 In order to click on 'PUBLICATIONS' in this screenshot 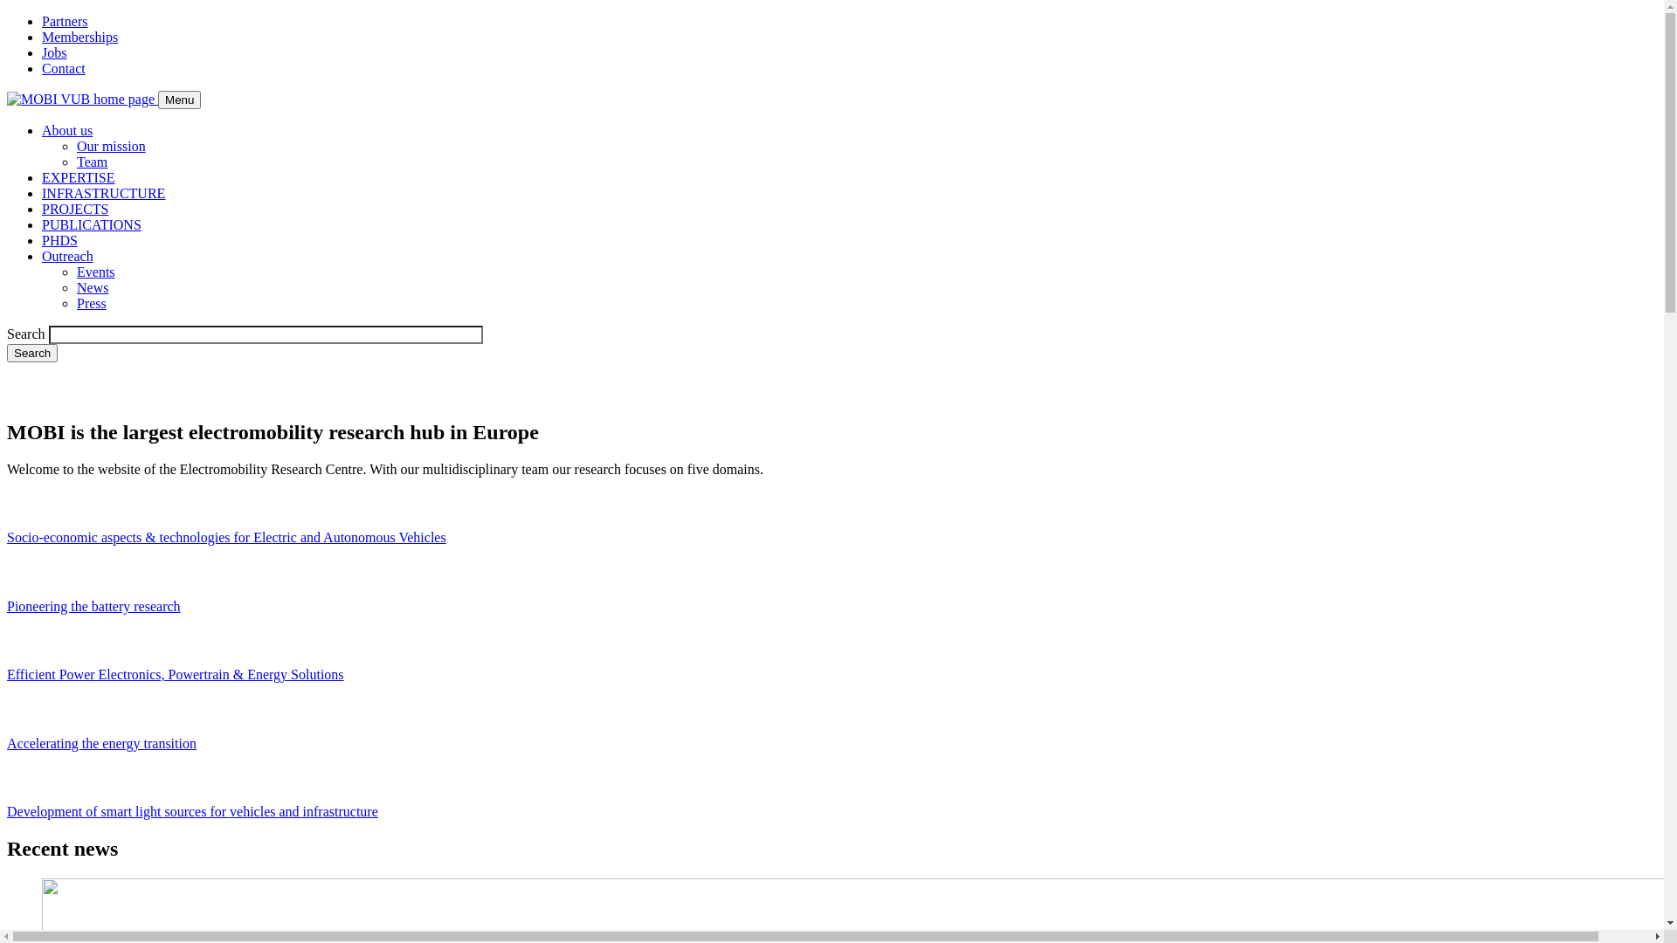, I will do `click(42, 224)`.